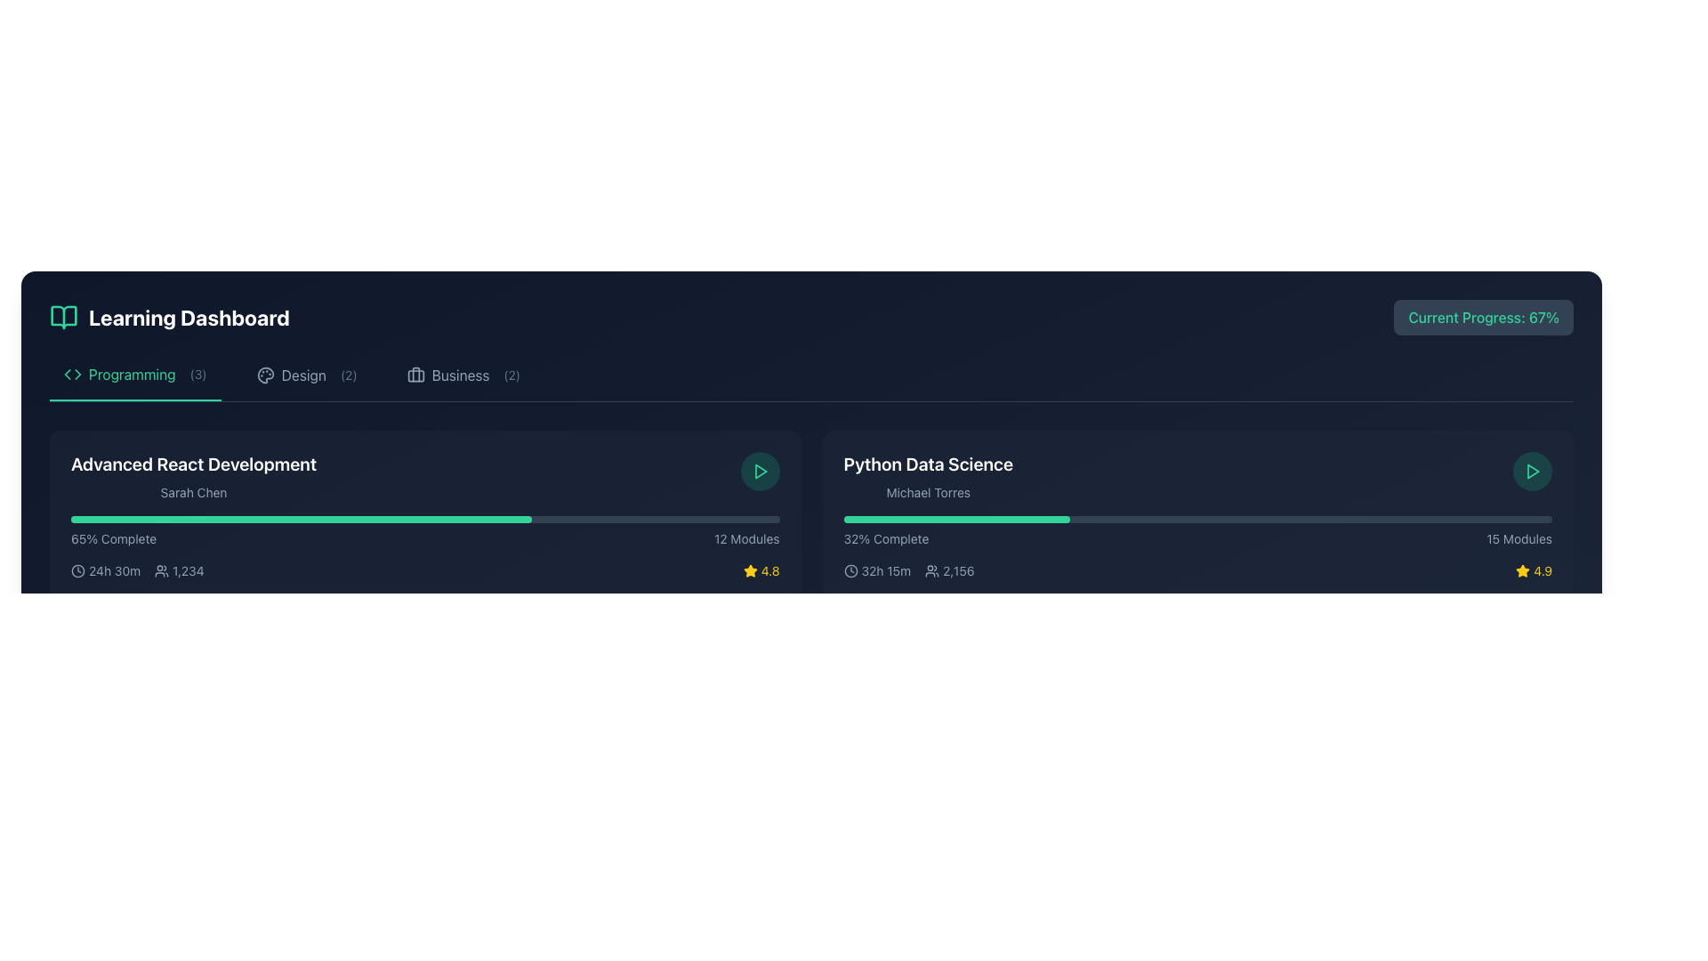 This screenshot has height=961, width=1708. I want to click on the triangular 'play' icon, which is outlined in green and located on the right side of the 'Python Data Science' course card, so click(761, 470).